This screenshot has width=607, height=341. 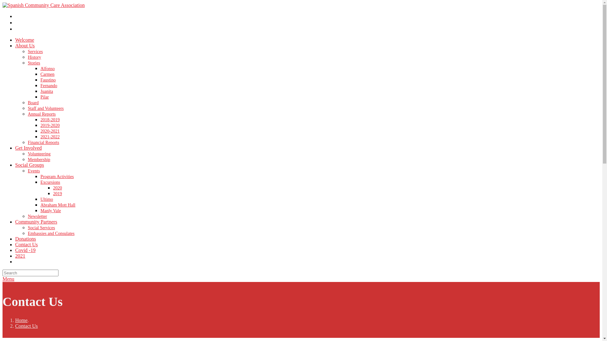 What do you see at coordinates (50, 136) in the screenshot?
I see `'2021-2022'` at bounding box center [50, 136].